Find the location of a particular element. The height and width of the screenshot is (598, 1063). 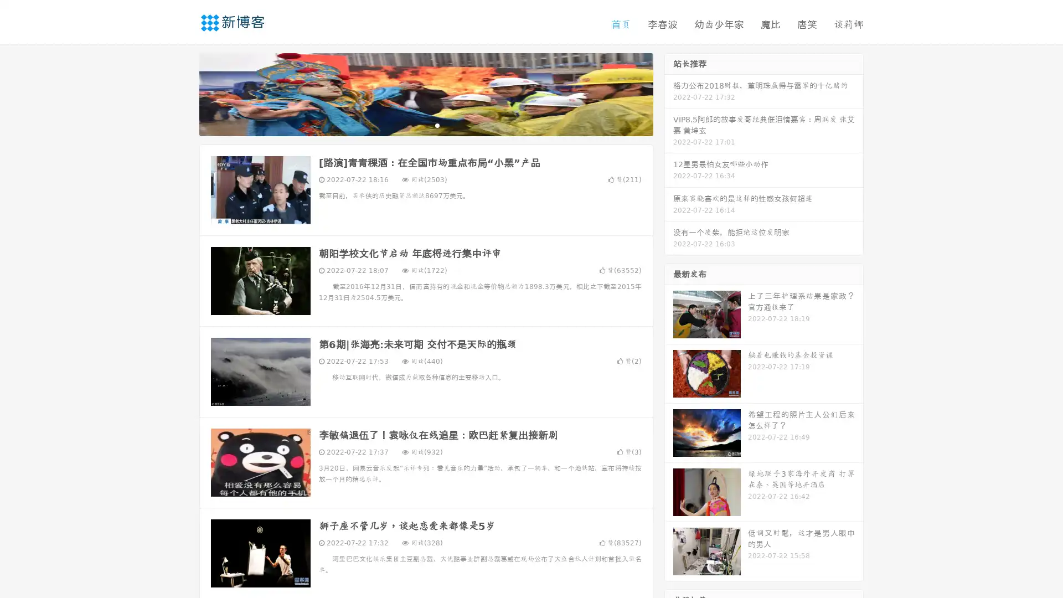

Go to slide 3 is located at coordinates (437, 125).